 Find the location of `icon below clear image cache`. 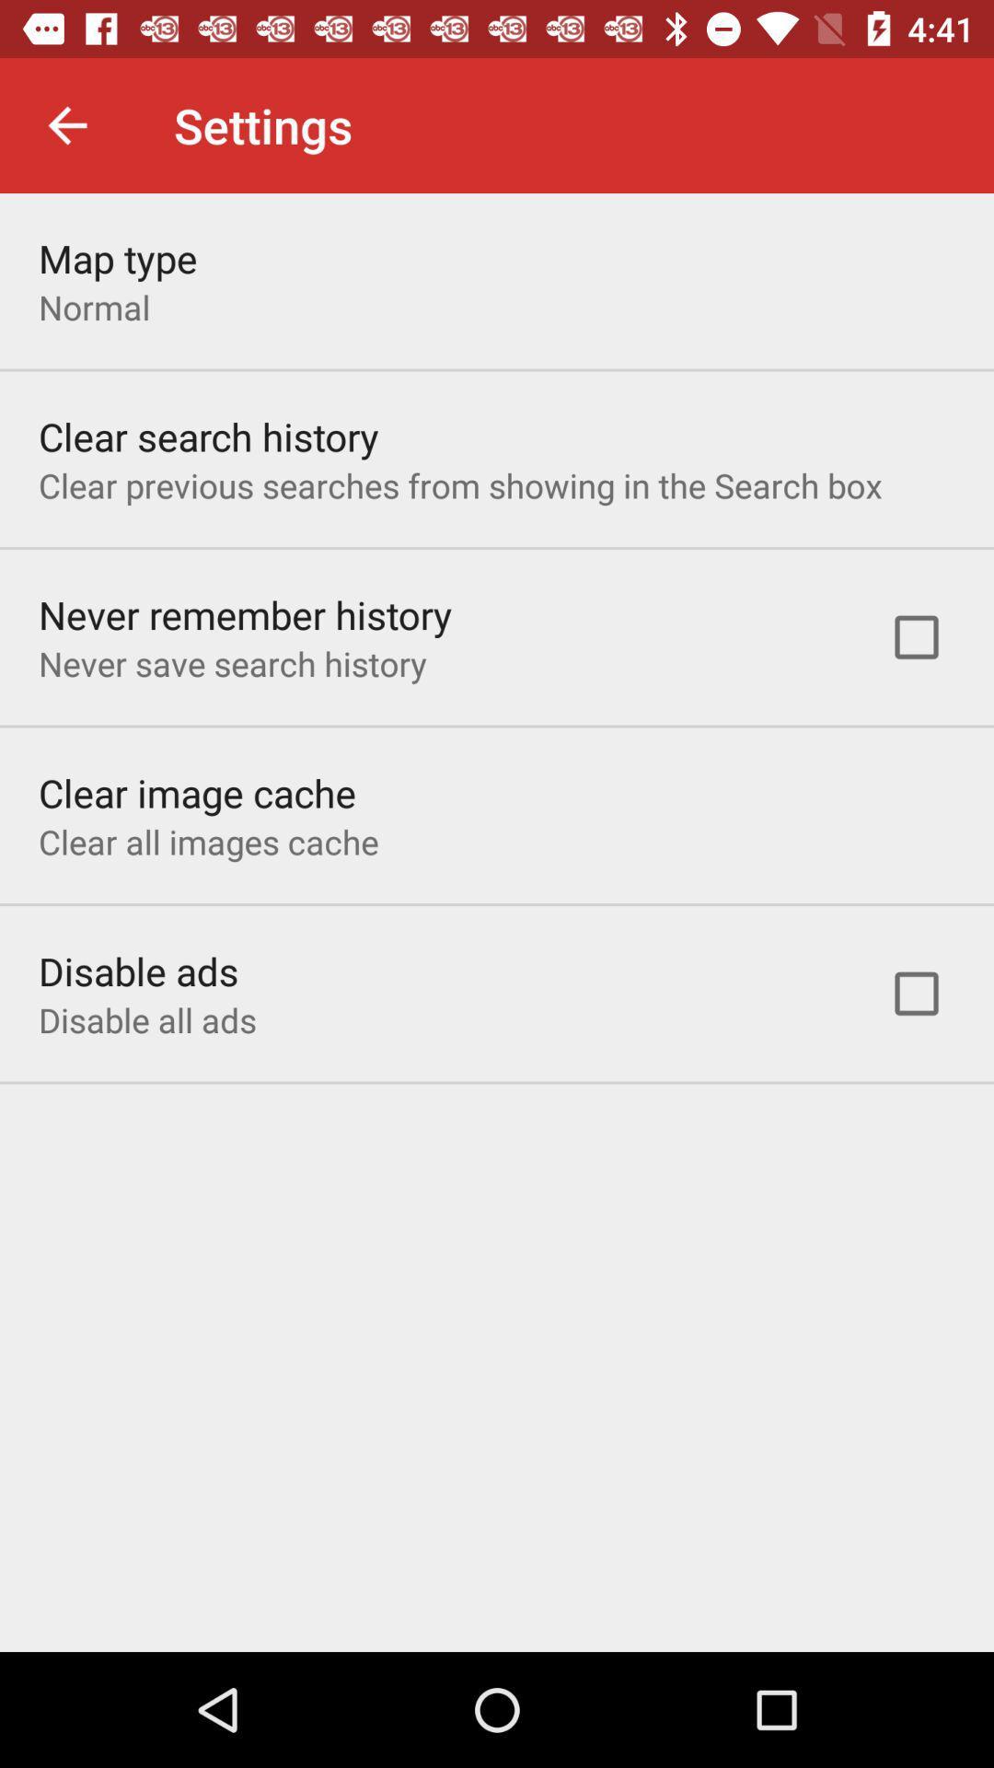

icon below clear image cache is located at coordinates (207, 841).